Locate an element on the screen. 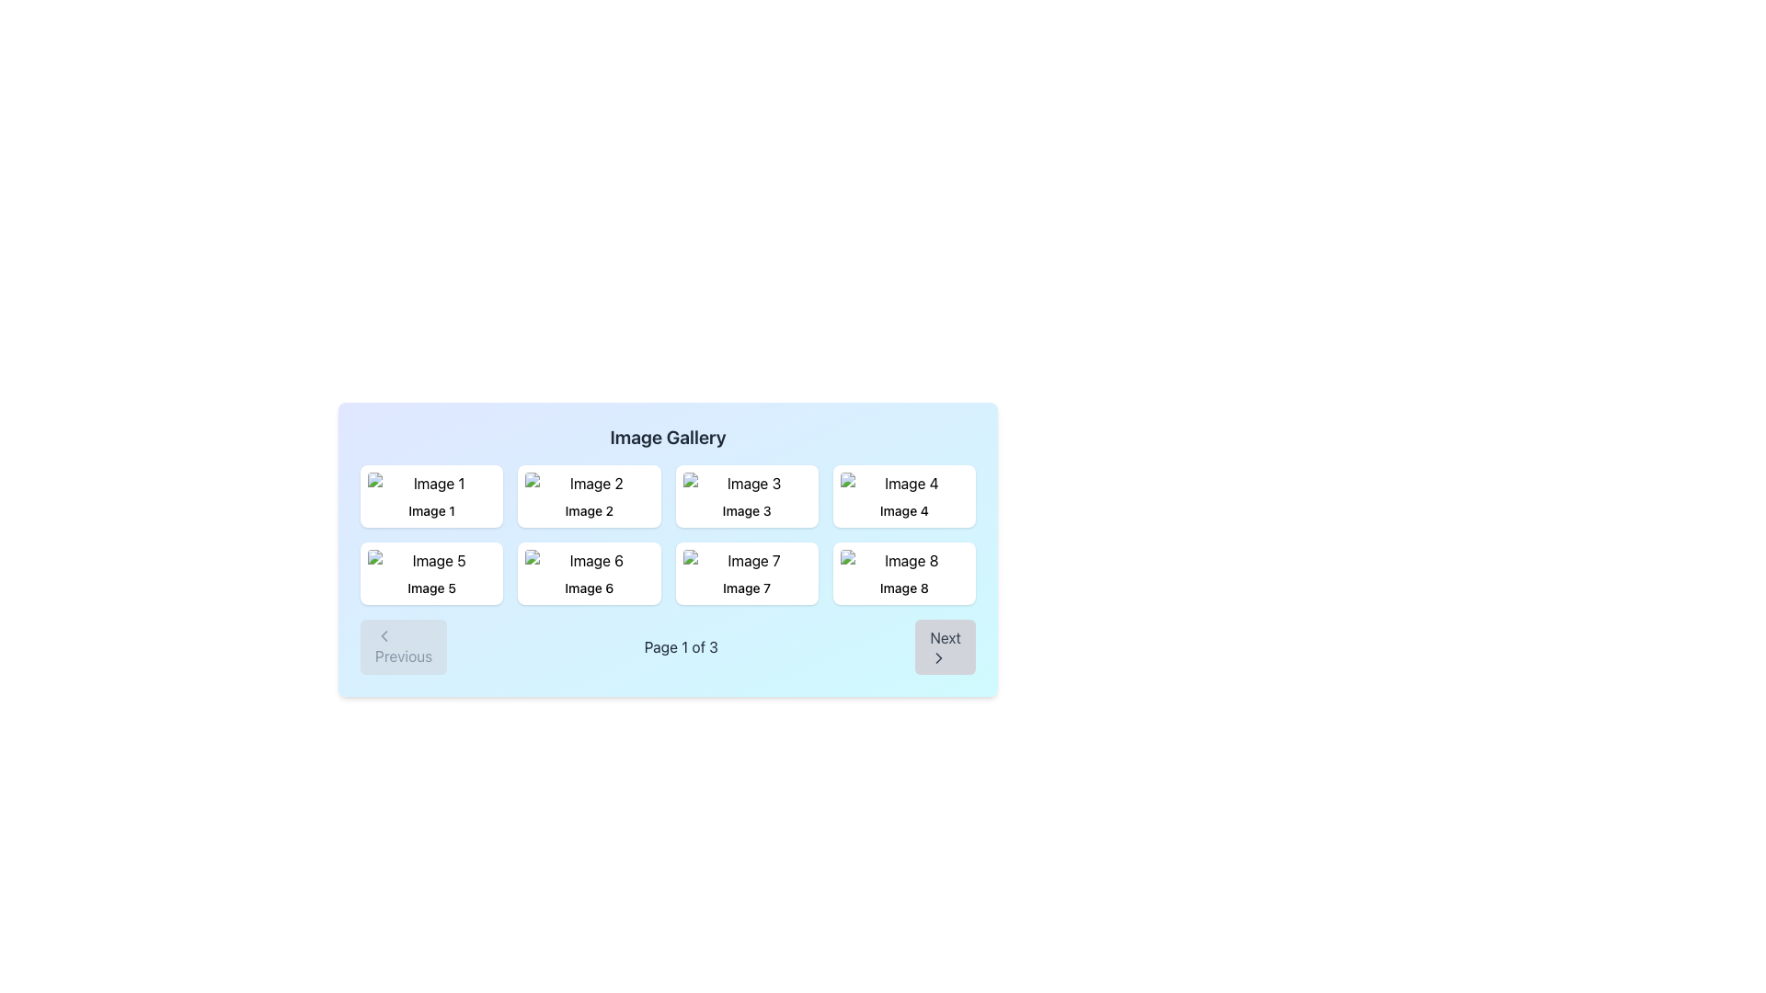 The width and height of the screenshot is (1766, 993). the second image card in the gallery that displays an image and its label is located at coordinates (589, 496).